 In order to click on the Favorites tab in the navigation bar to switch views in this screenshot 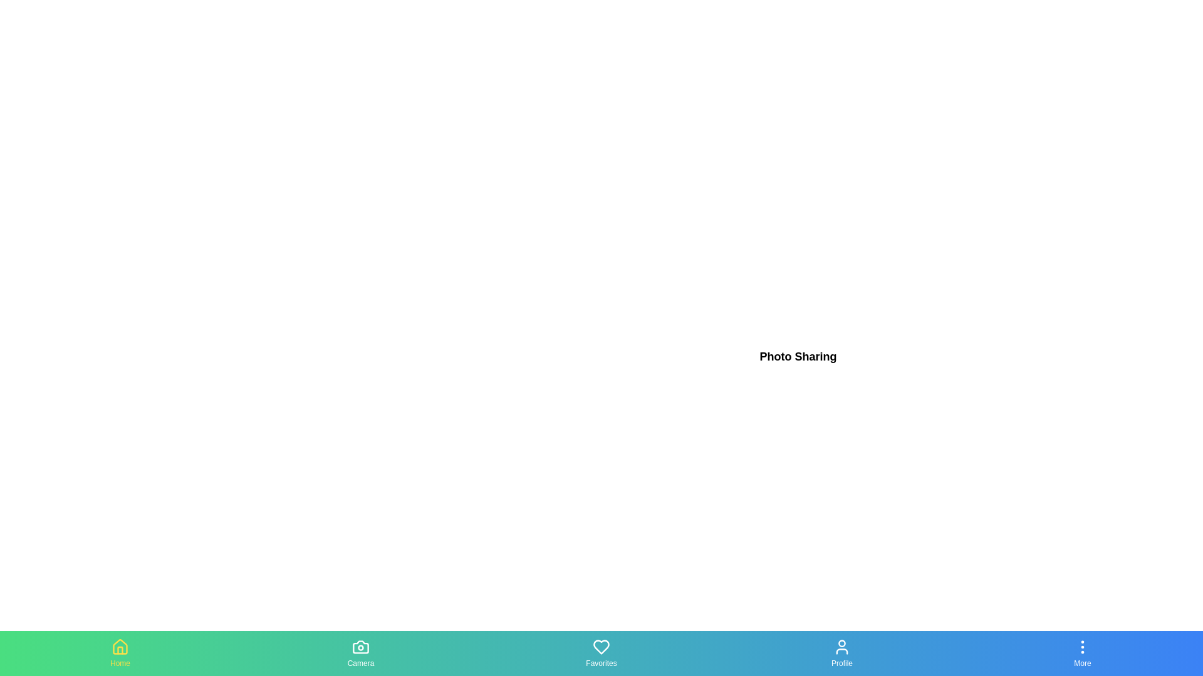, I will do `click(601, 653)`.